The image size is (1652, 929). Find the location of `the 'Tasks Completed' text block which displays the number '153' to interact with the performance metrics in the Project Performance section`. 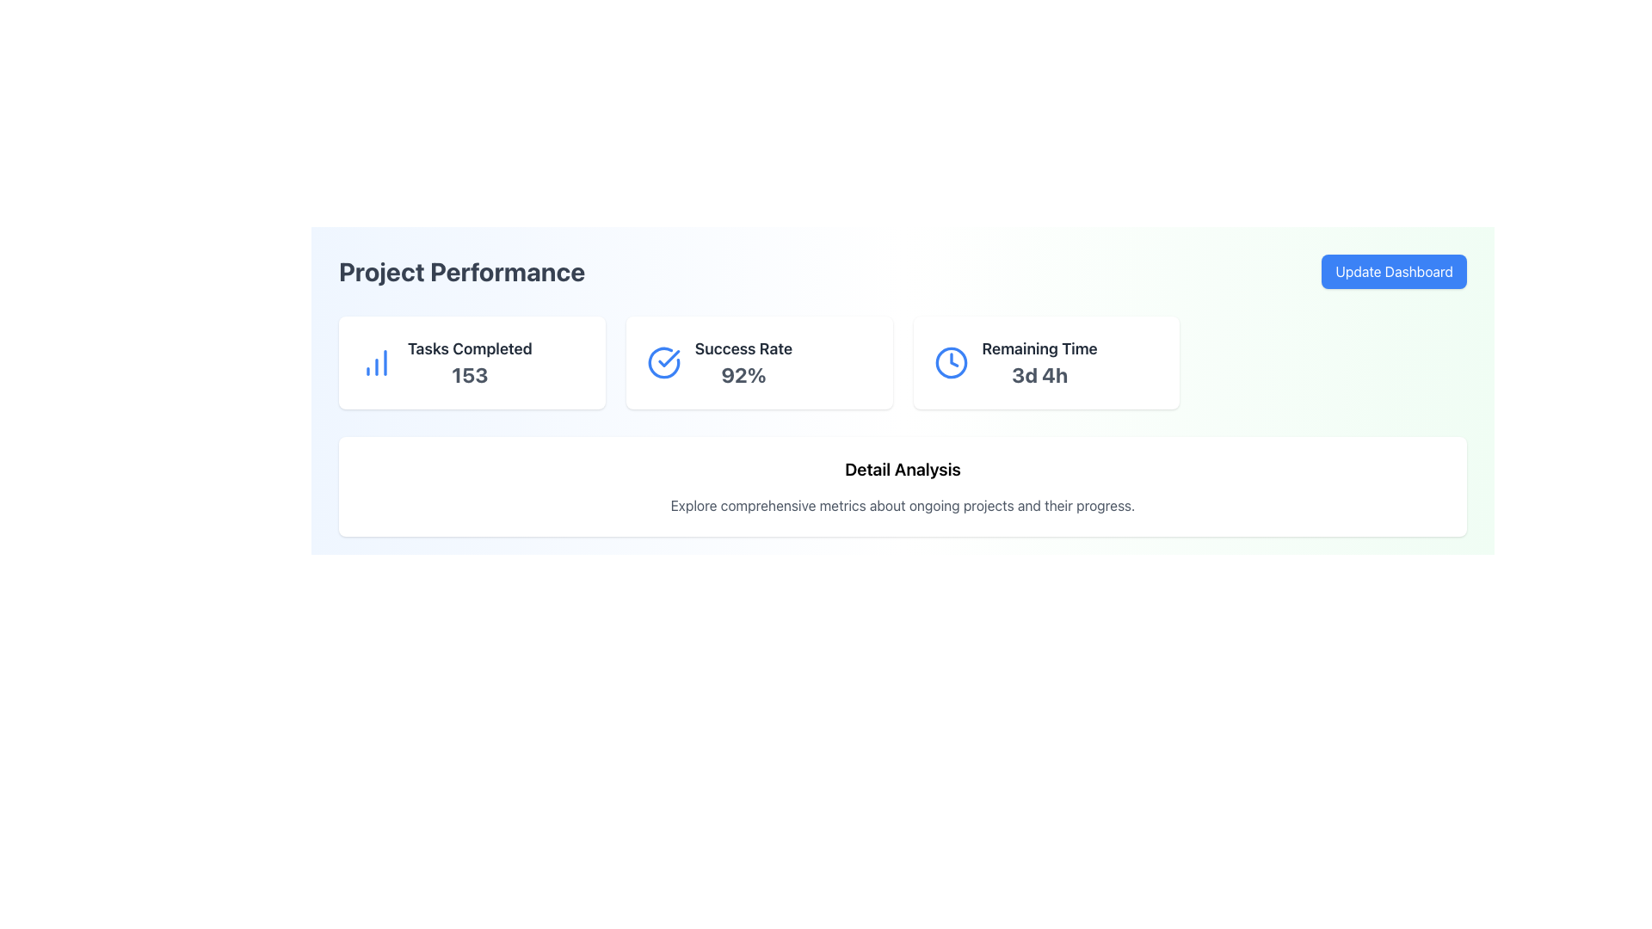

the 'Tasks Completed' text block which displays the number '153' to interact with the performance metrics in the Project Performance section is located at coordinates (470, 361).